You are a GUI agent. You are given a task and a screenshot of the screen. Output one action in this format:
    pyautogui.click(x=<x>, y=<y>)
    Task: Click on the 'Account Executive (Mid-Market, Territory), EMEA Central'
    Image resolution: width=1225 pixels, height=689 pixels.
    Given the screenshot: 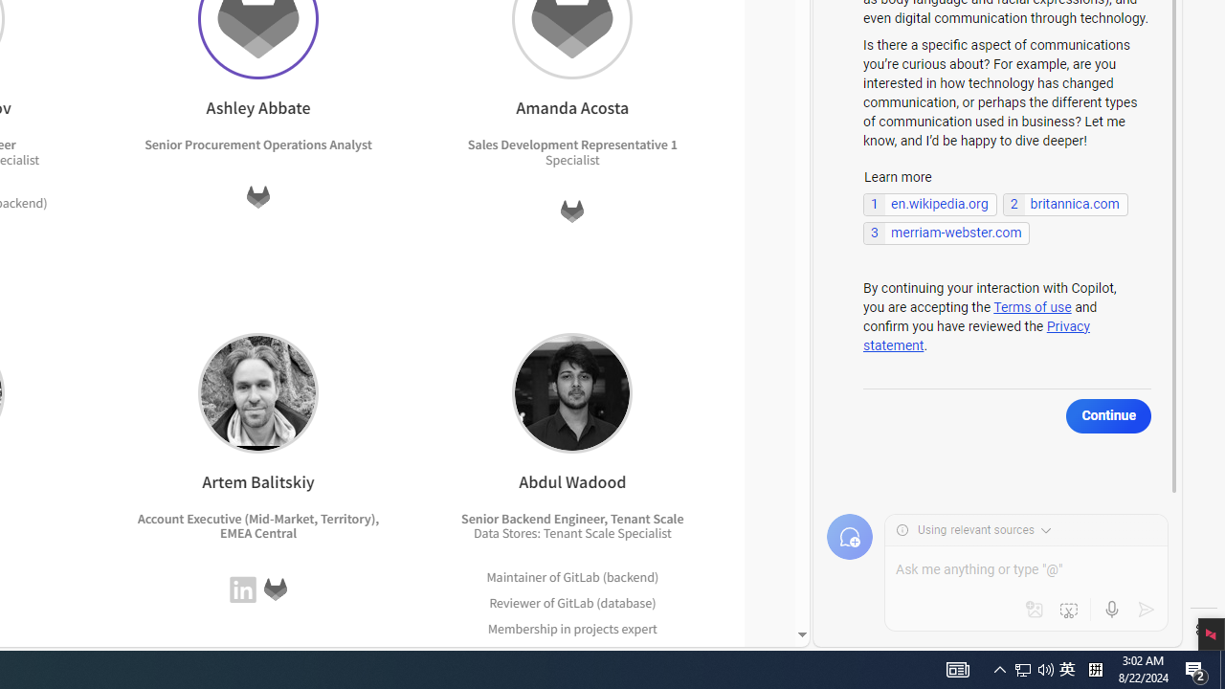 What is the action you would take?
    pyautogui.click(x=257, y=525)
    